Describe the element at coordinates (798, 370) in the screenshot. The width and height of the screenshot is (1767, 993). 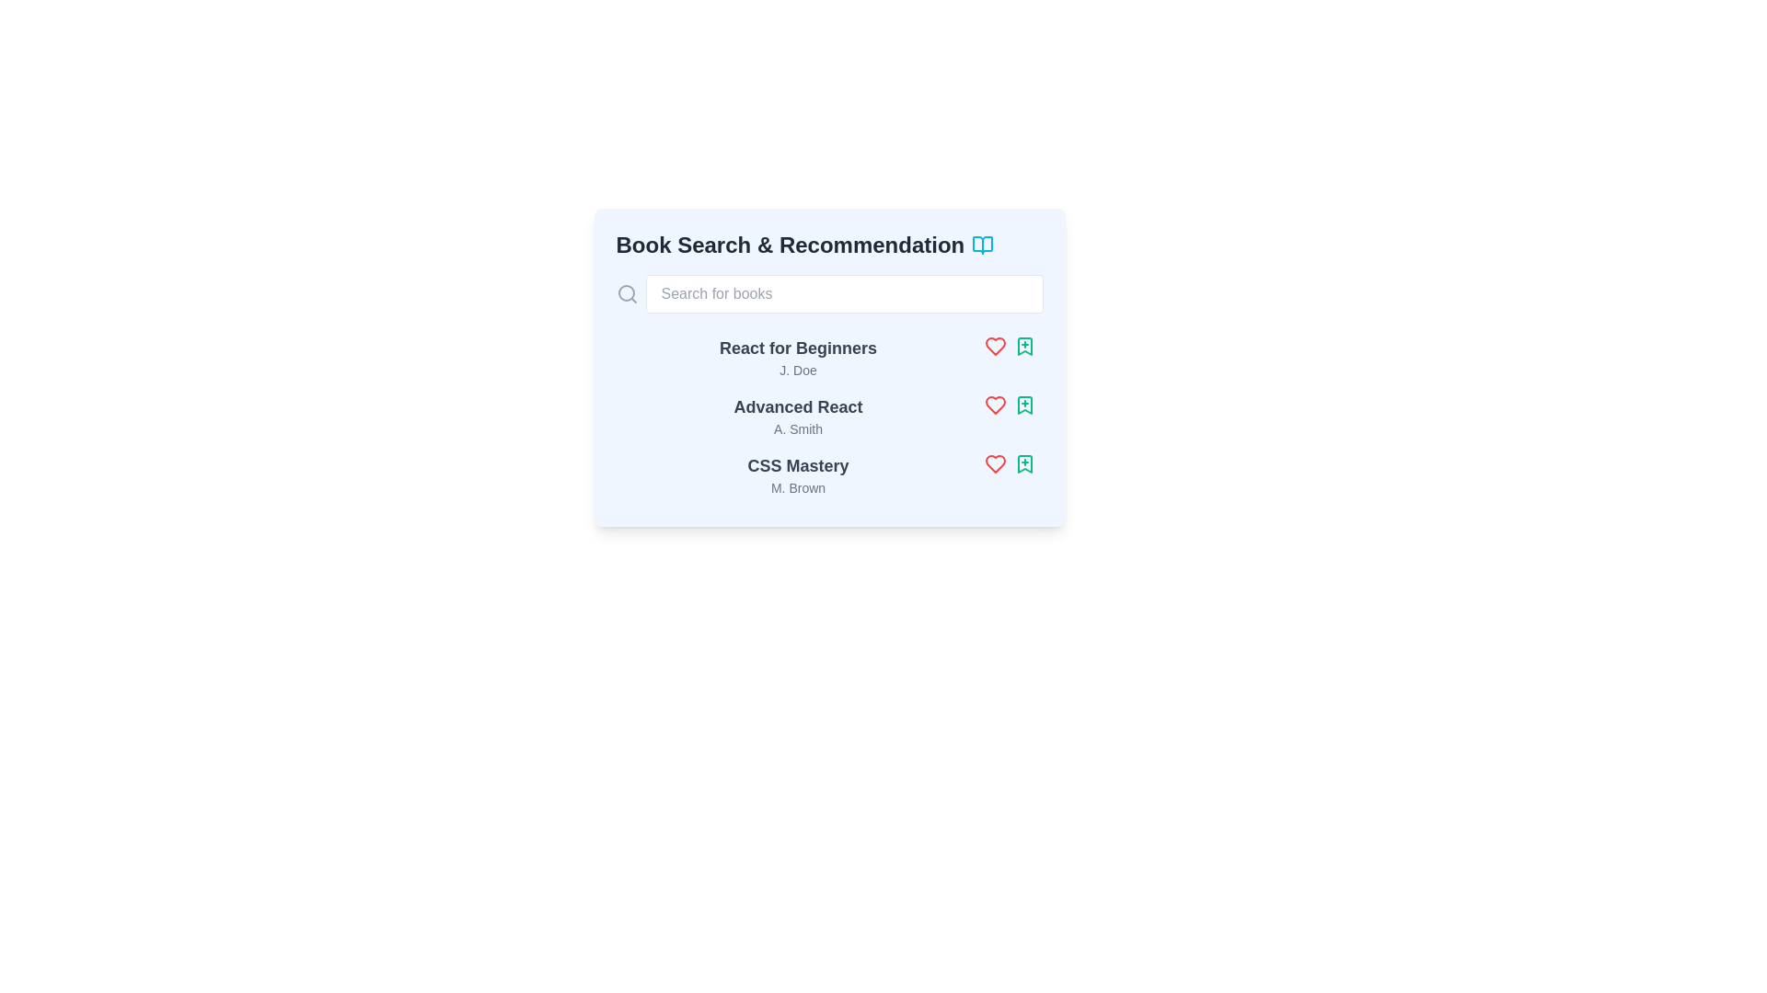
I see `the static text display that shows the author of the book 'React for Beginners', located just below the title within the list layout` at that location.